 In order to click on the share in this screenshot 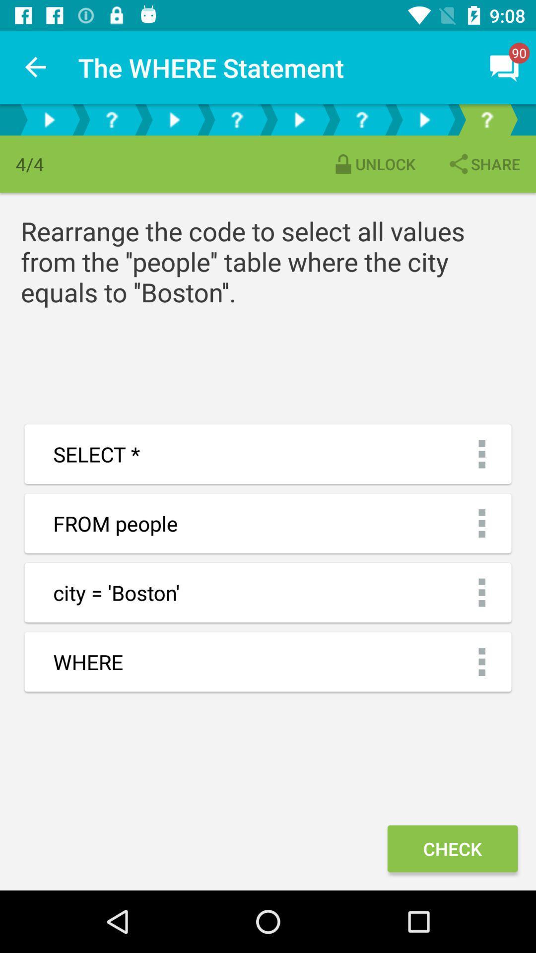, I will do `click(483, 164)`.